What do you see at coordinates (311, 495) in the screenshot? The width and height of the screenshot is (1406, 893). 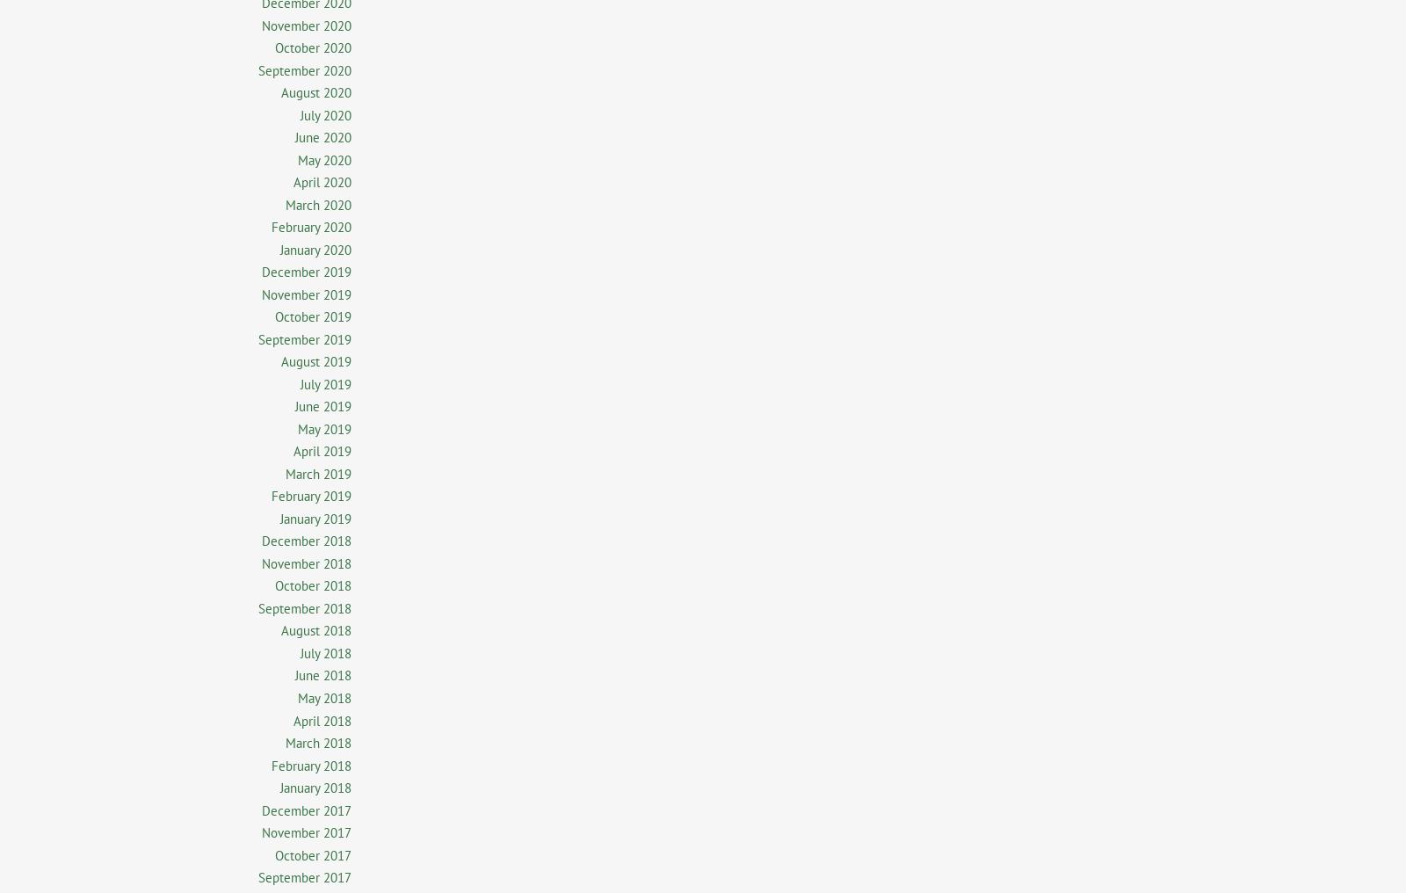 I see `'February 2019'` at bounding box center [311, 495].